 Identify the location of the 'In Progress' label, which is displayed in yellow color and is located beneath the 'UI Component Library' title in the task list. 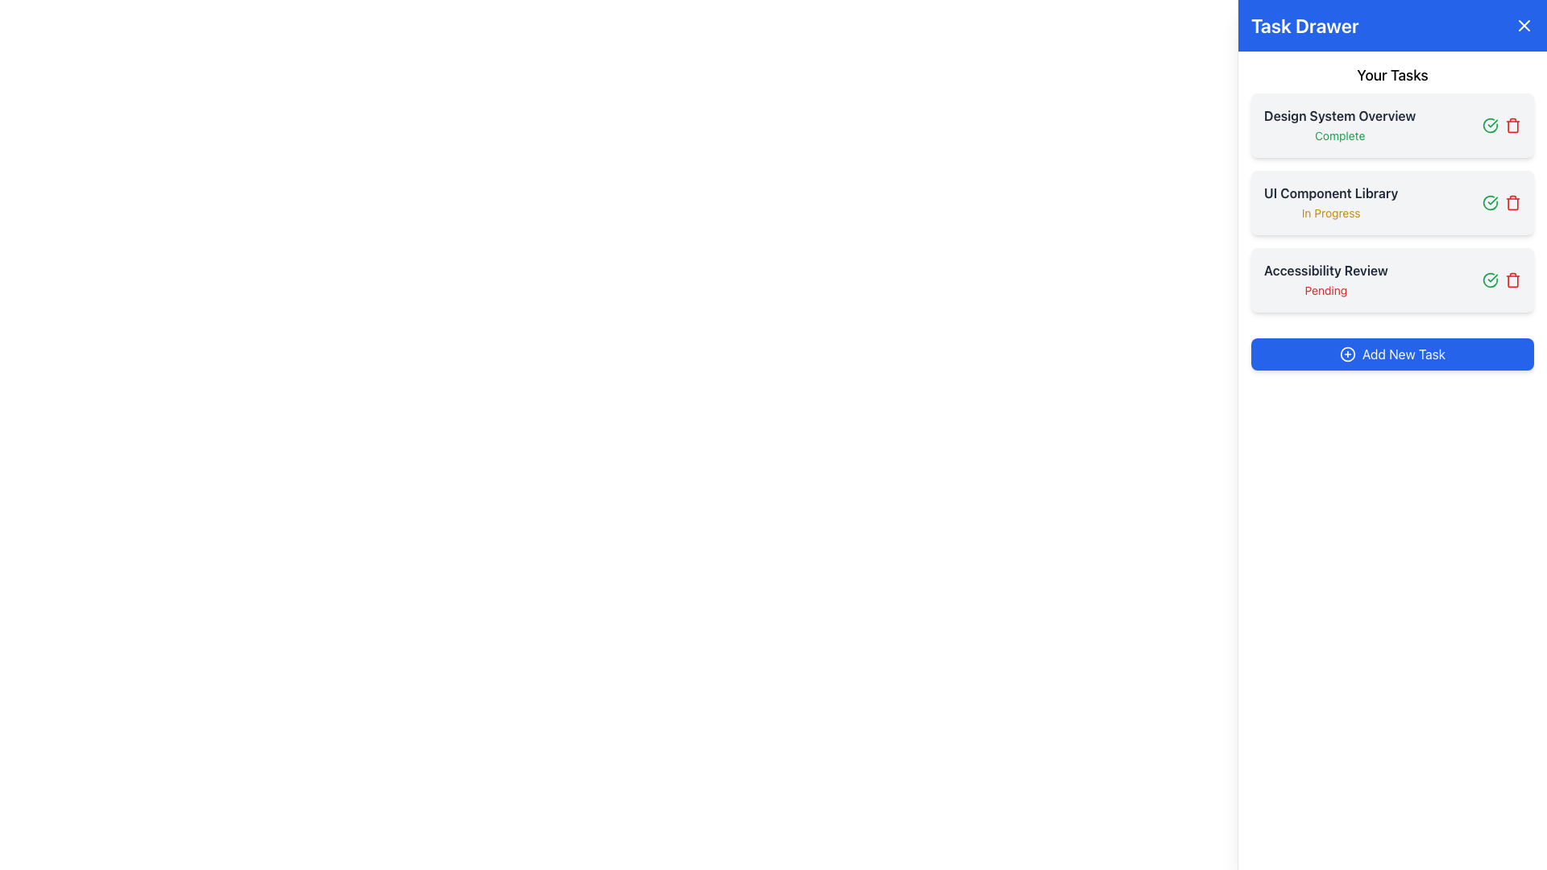
(1331, 212).